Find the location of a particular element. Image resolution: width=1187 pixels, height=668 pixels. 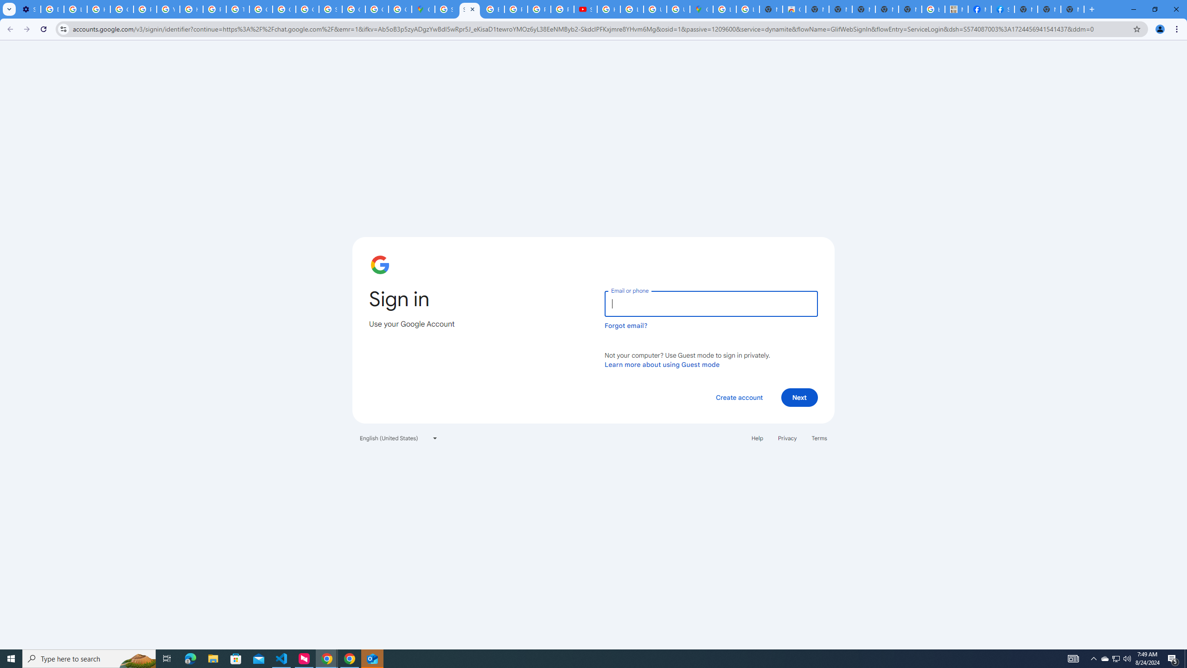

'Delete photos & videos - Computer - Google Photos Help' is located at coordinates (51, 9).